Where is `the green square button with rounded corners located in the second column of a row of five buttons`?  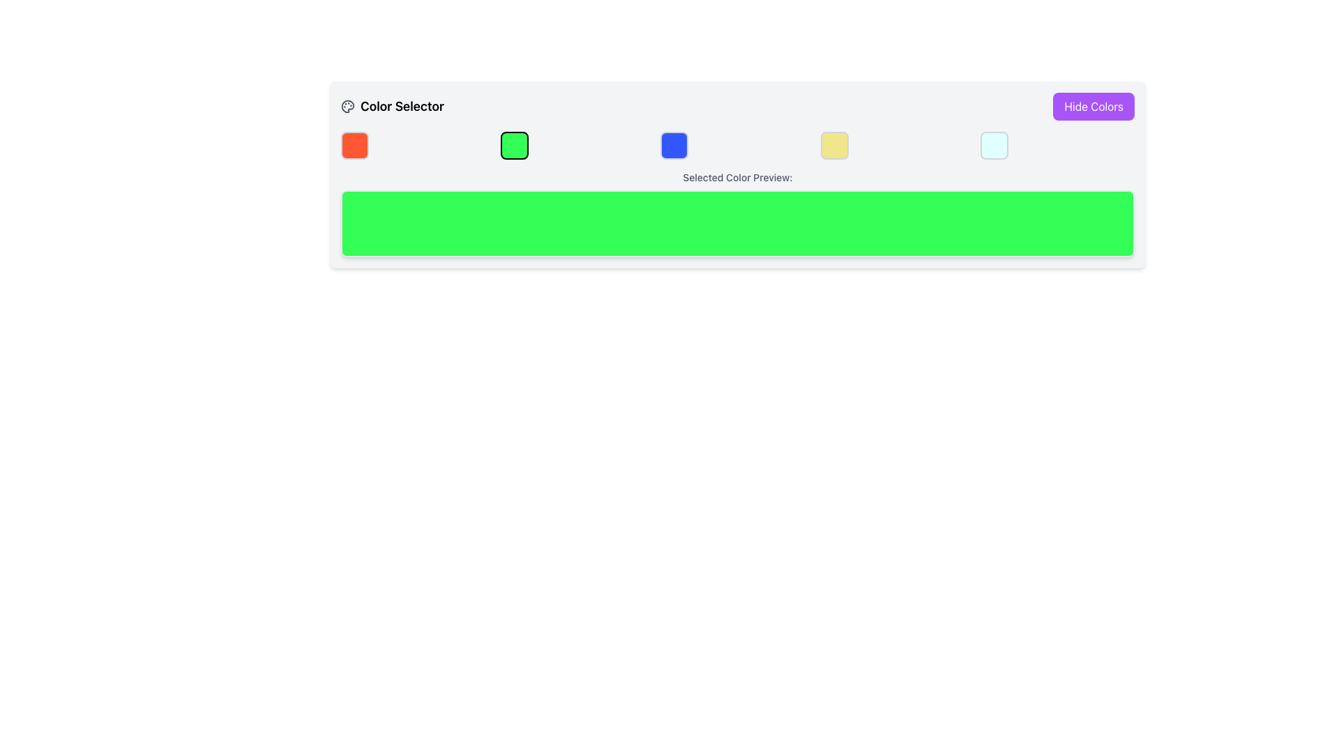 the green square button with rounded corners located in the second column of a row of five buttons is located at coordinates (514, 145).